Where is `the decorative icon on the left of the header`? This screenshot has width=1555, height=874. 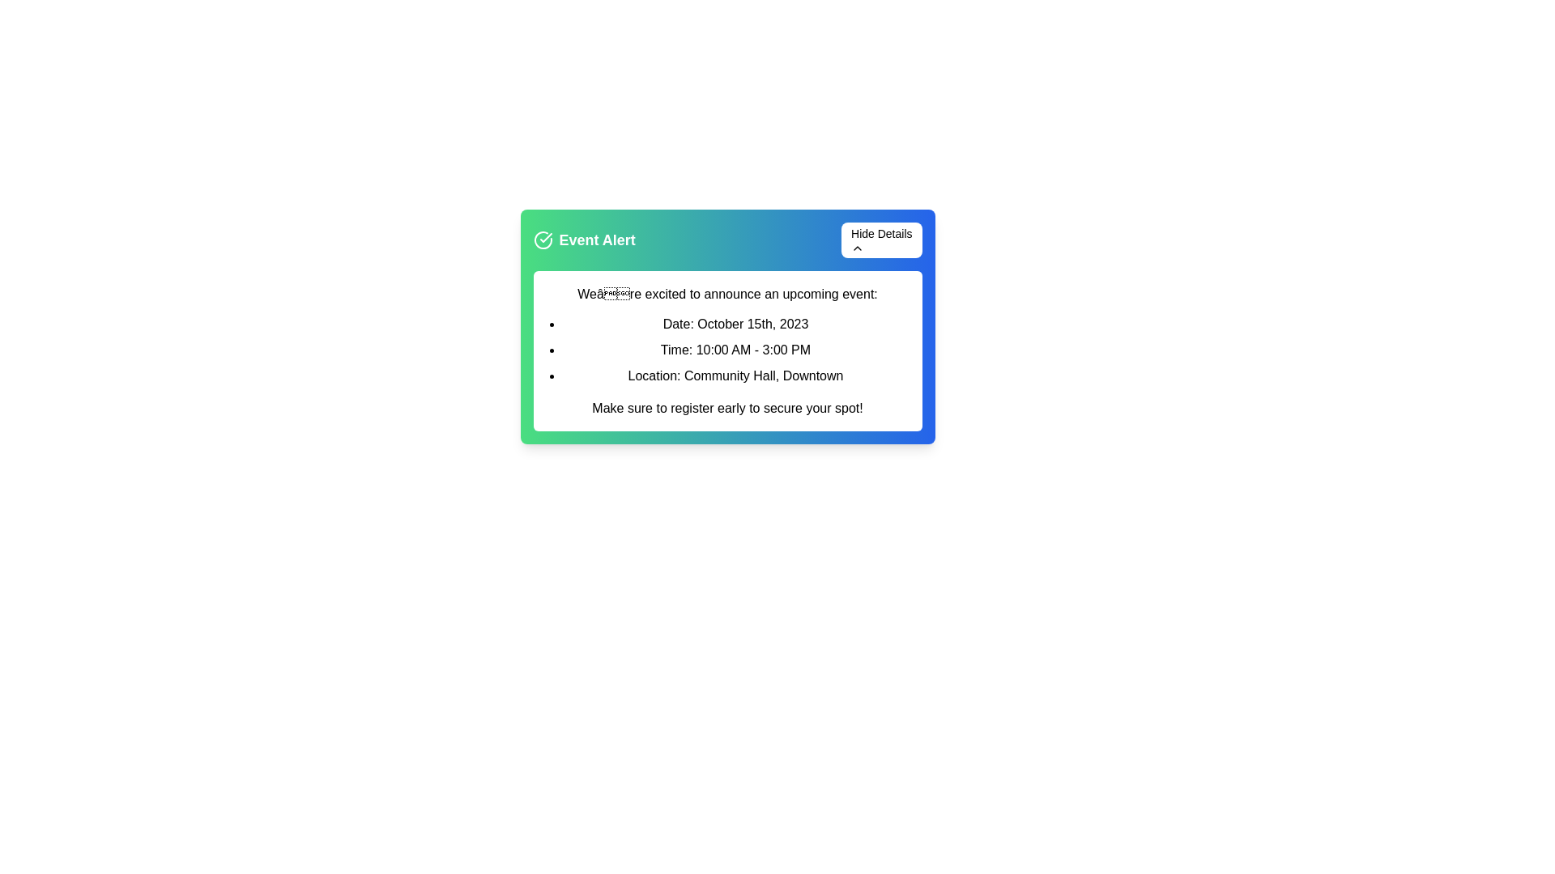 the decorative icon on the left of the header is located at coordinates (543, 240).